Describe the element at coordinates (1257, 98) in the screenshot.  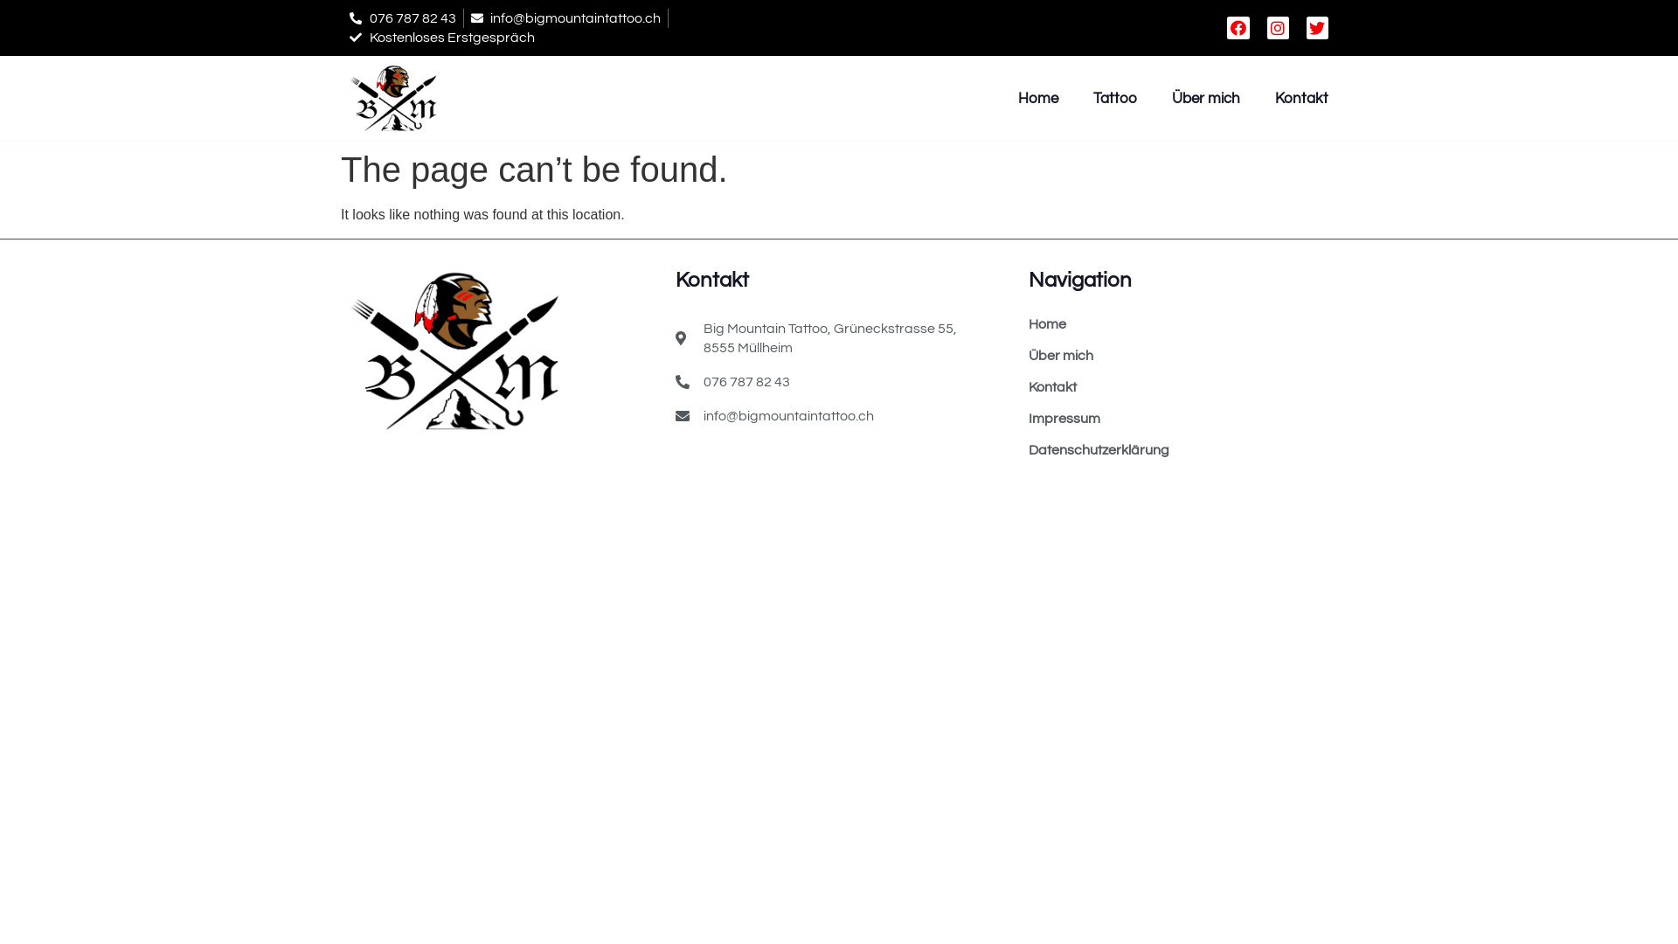
I see `'Kontakt'` at that location.